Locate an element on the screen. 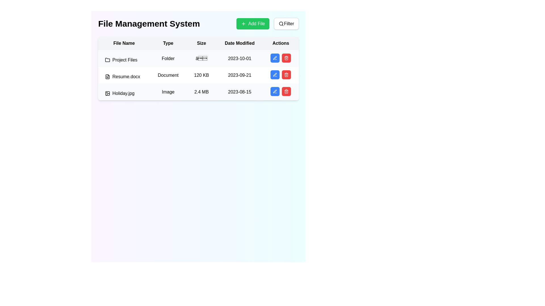 This screenshot has width=545, height=306. the white rectangular 'Filter' button with a magnifying glass icon is located at coordinates (286, 24).